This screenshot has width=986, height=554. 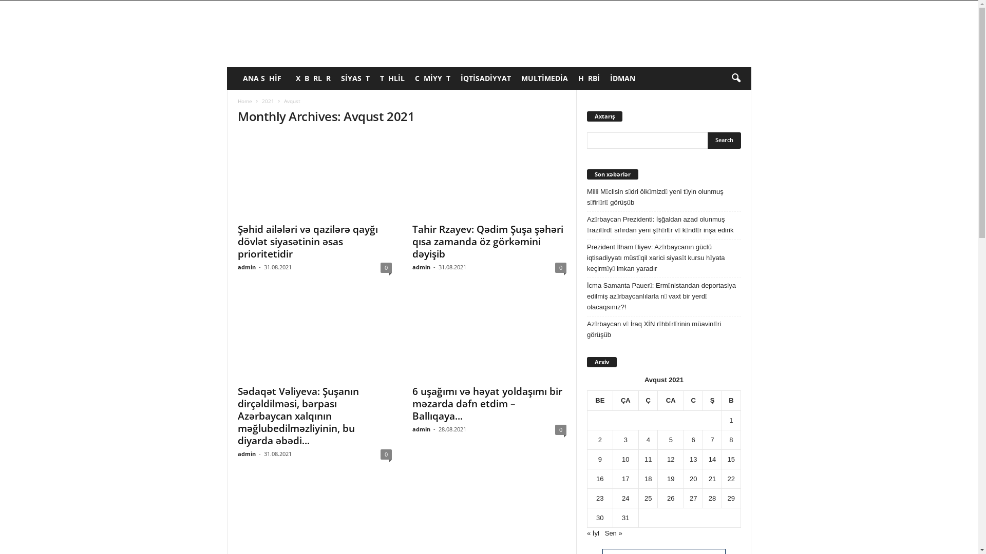 What do you see at coordinates (730, 420) in the screenshot?
I see `'1'` at bounding box center [730, 420].